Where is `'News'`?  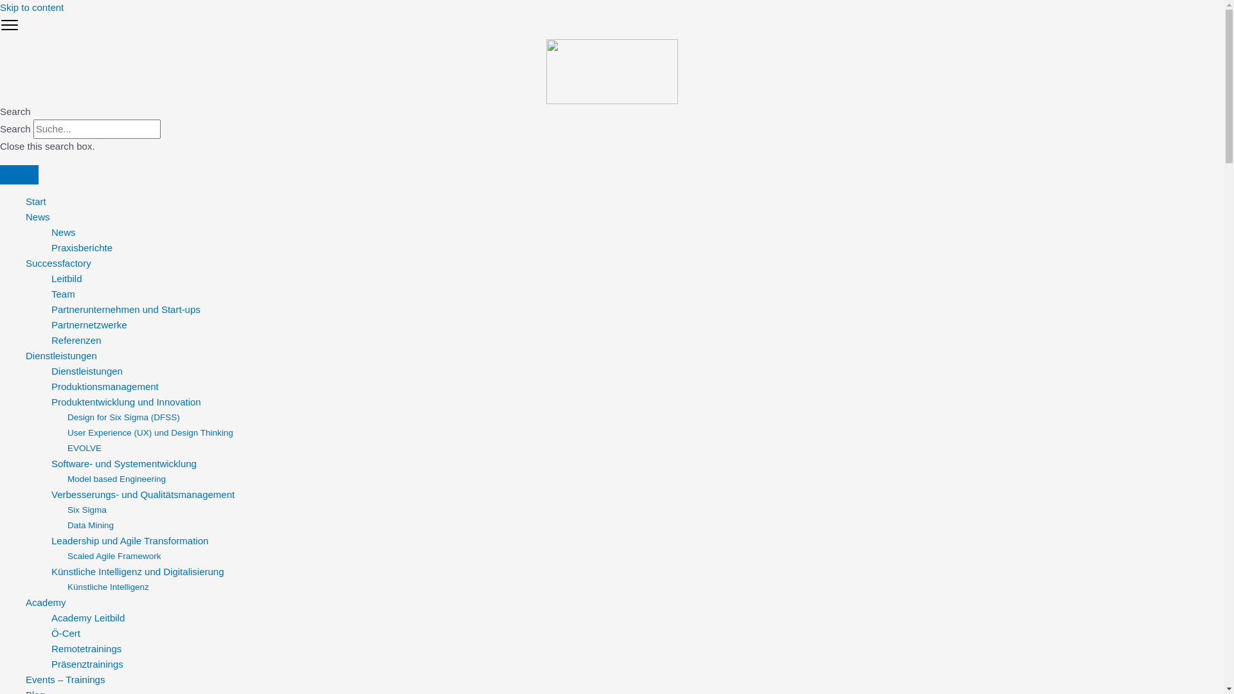 'News' is located at coordinates (63, 232).